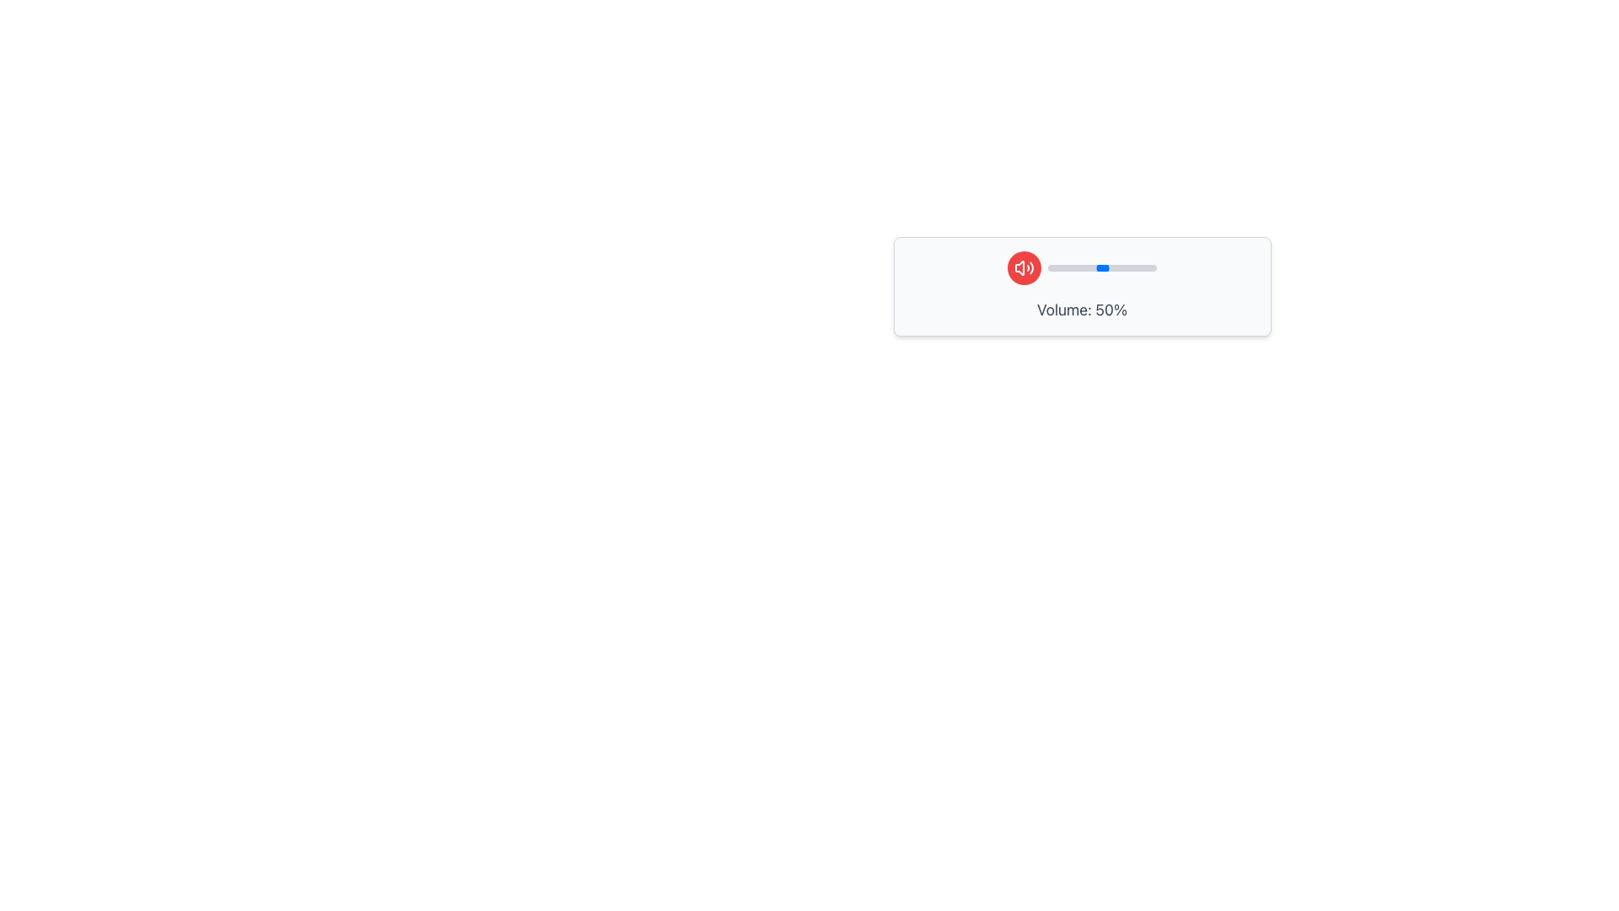  Describe the element at coordinates (1075, 267) in the screenshot. I see `volume` at that location.